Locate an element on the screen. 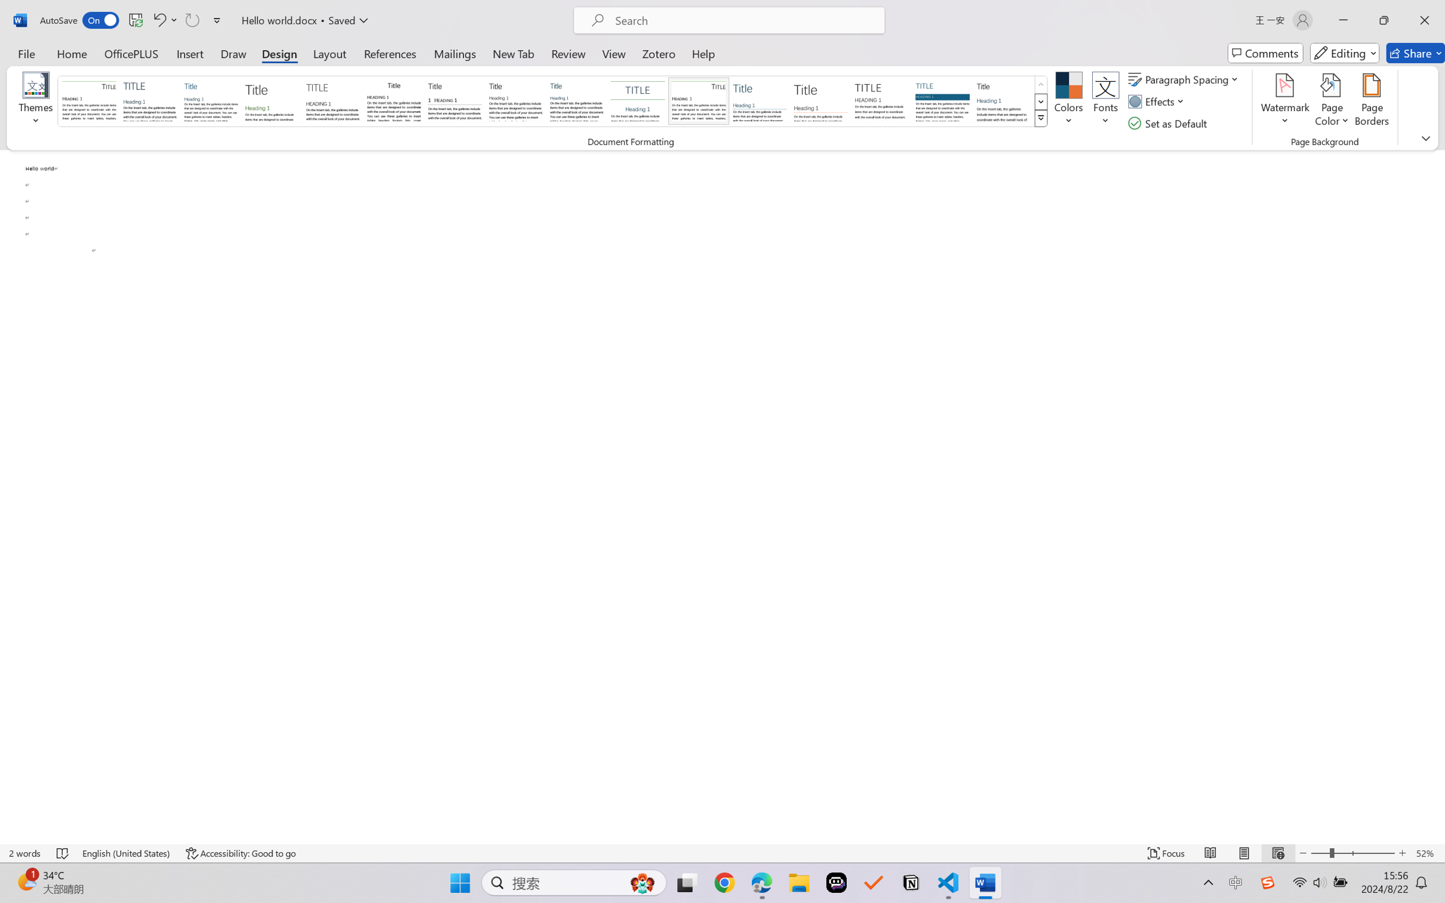 This screenshot has height=903, width=1445. 'AutoSave' is located at coordinates (79, 20).